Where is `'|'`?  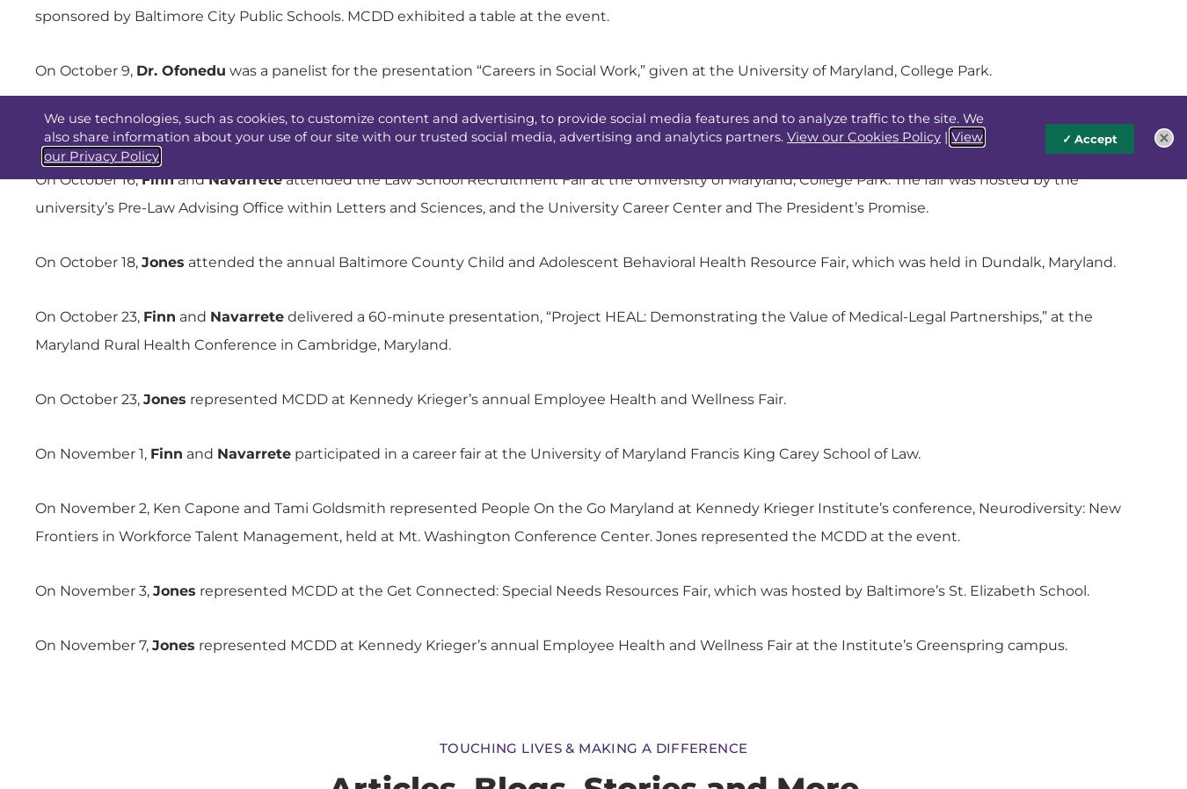
'|' is located at coordinates (945, 135).